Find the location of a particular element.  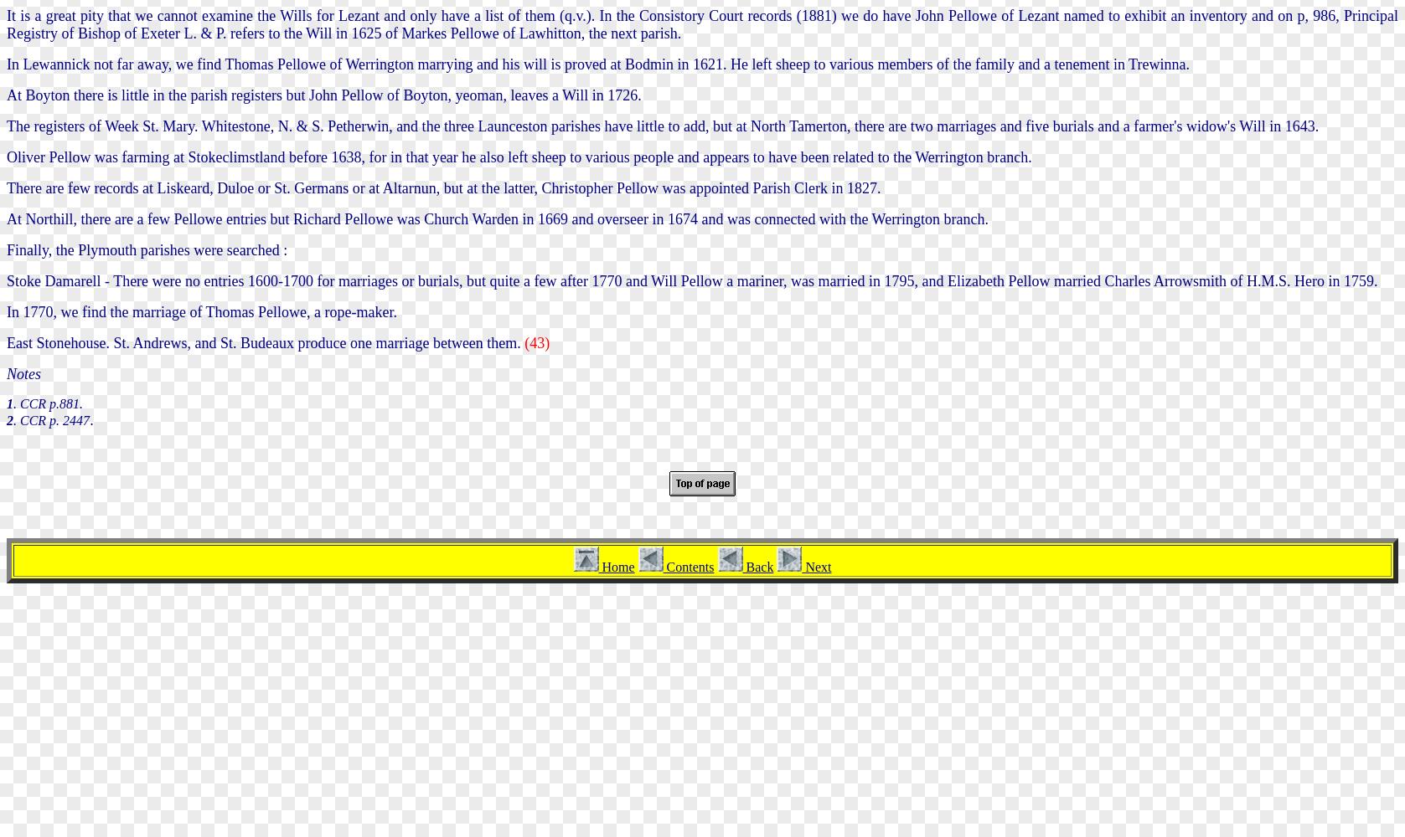

'2' is located at coordinates (10, 419).